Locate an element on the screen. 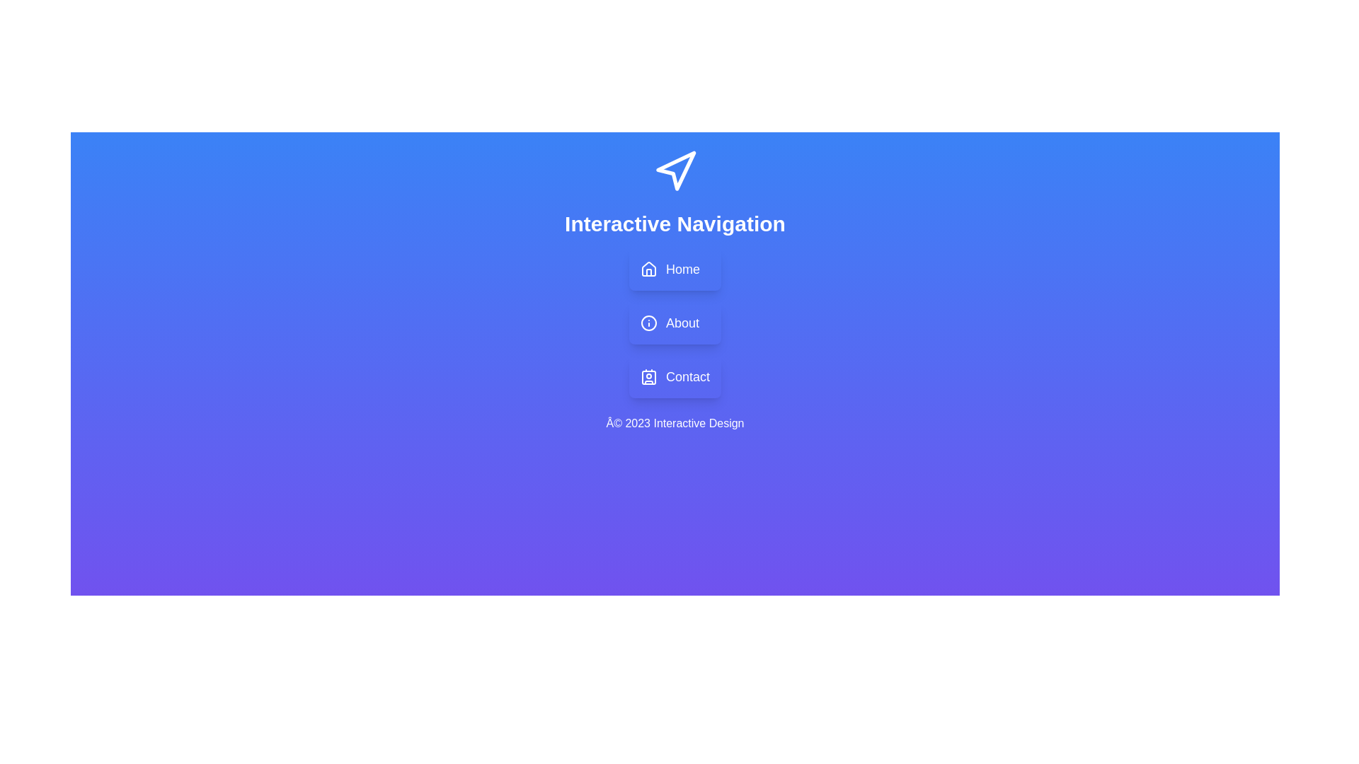 This screenshot has height=764, width=1359. the 'Contact' button, which is the third and bottommost button in a vertical stack of navigation buttons labeled 'Home', 'About', and 'Contact' is located at coordinates (675, 376).